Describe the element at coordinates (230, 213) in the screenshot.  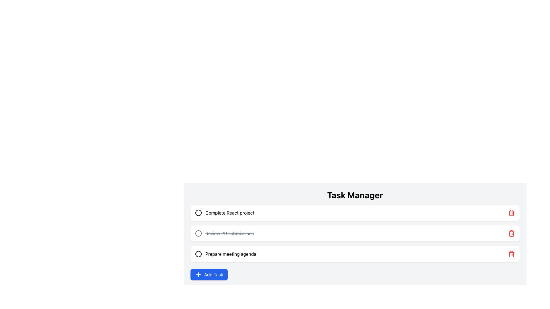
I see `and copy the text from the 'Complete React project' task label in the task manager` at that location.